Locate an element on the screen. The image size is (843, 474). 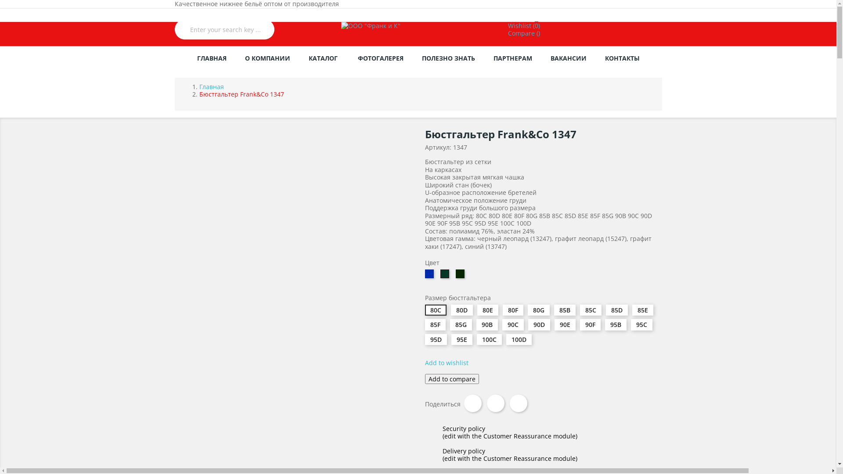
'Add to compare' is located at coordinates (452, 379).